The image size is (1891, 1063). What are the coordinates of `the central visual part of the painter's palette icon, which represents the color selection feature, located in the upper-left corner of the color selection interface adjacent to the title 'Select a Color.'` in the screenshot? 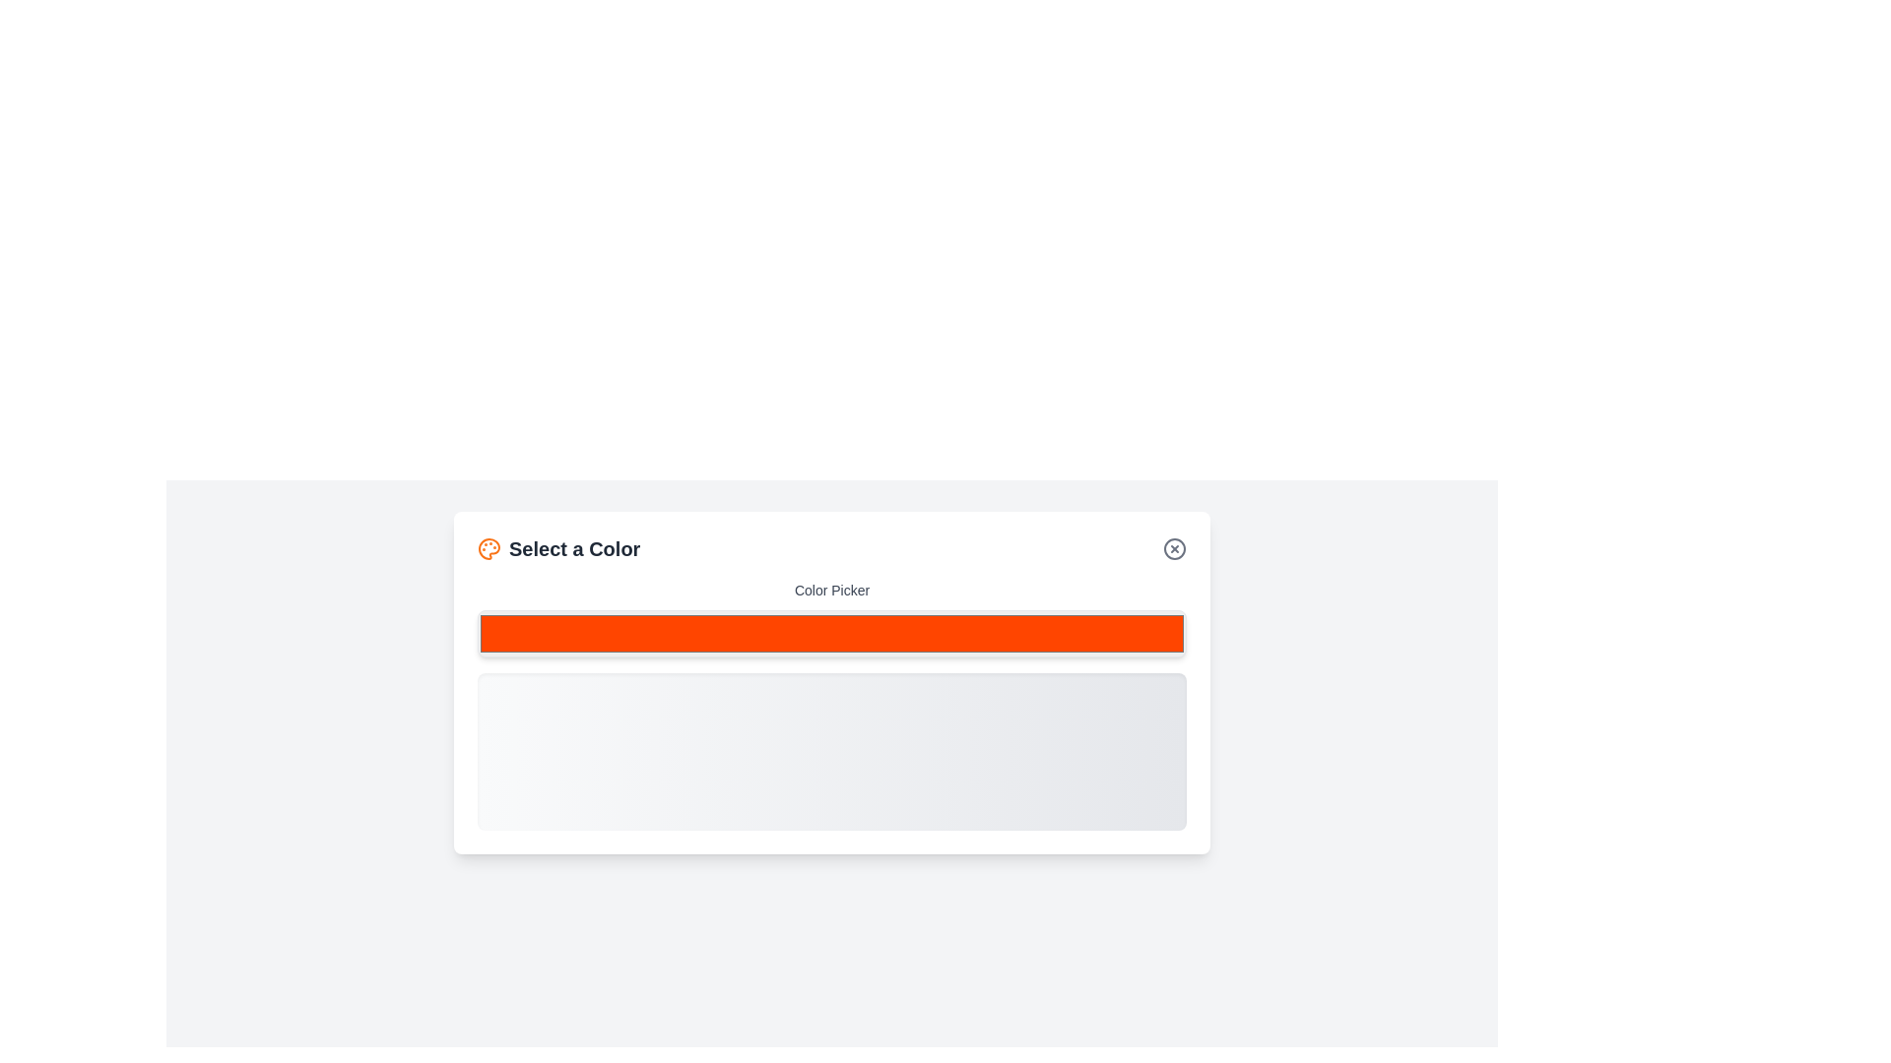 It's located at (489, 549).